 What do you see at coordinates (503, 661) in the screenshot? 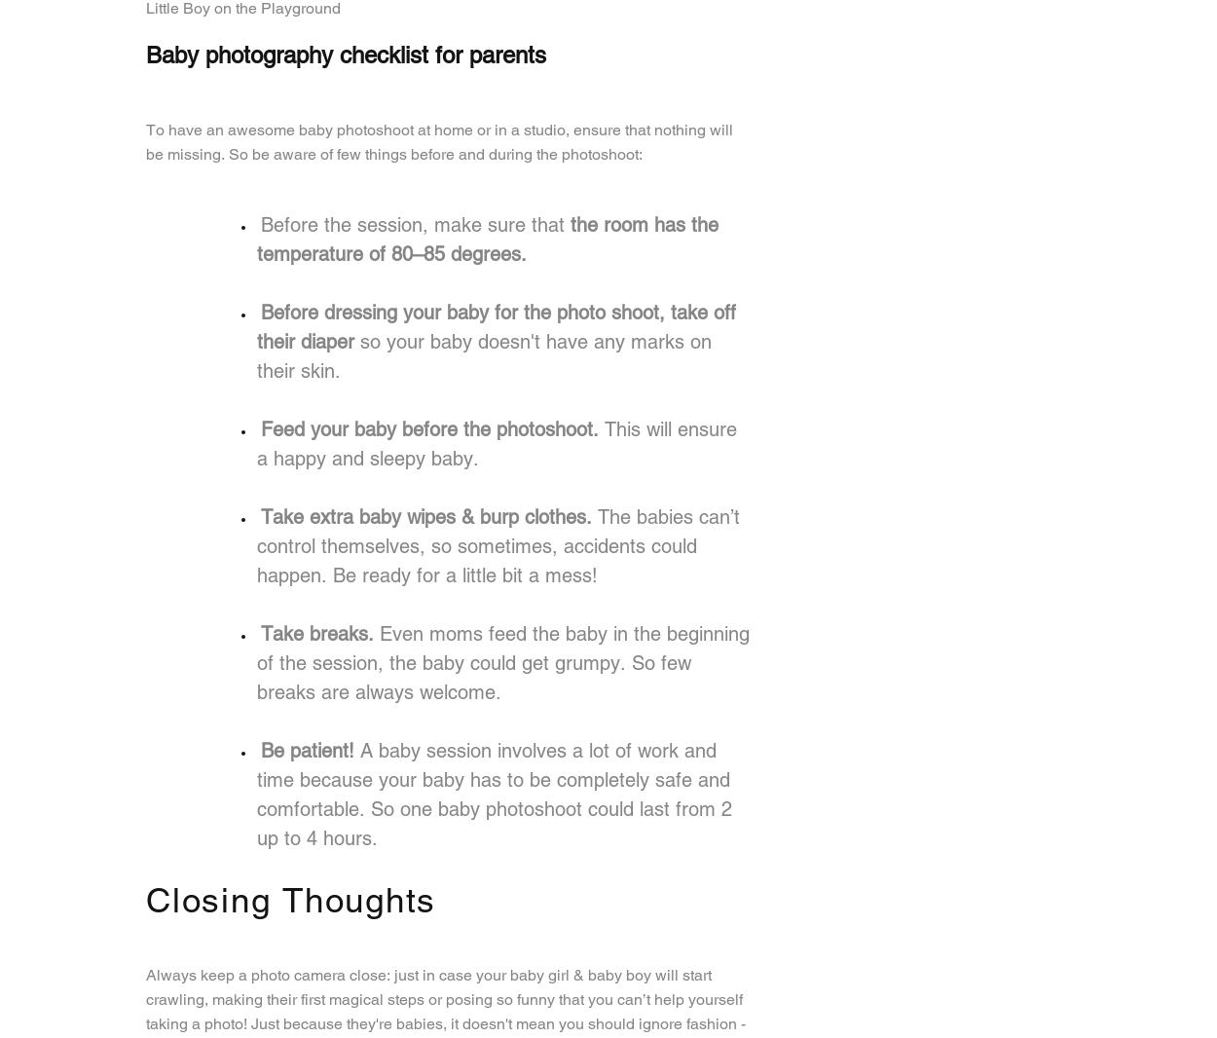
I see `'Even moms feed the baby in the beginning of the session, the baby could get grumpy. So few breaks are always welcome.'` at bounding box center [503, 661].